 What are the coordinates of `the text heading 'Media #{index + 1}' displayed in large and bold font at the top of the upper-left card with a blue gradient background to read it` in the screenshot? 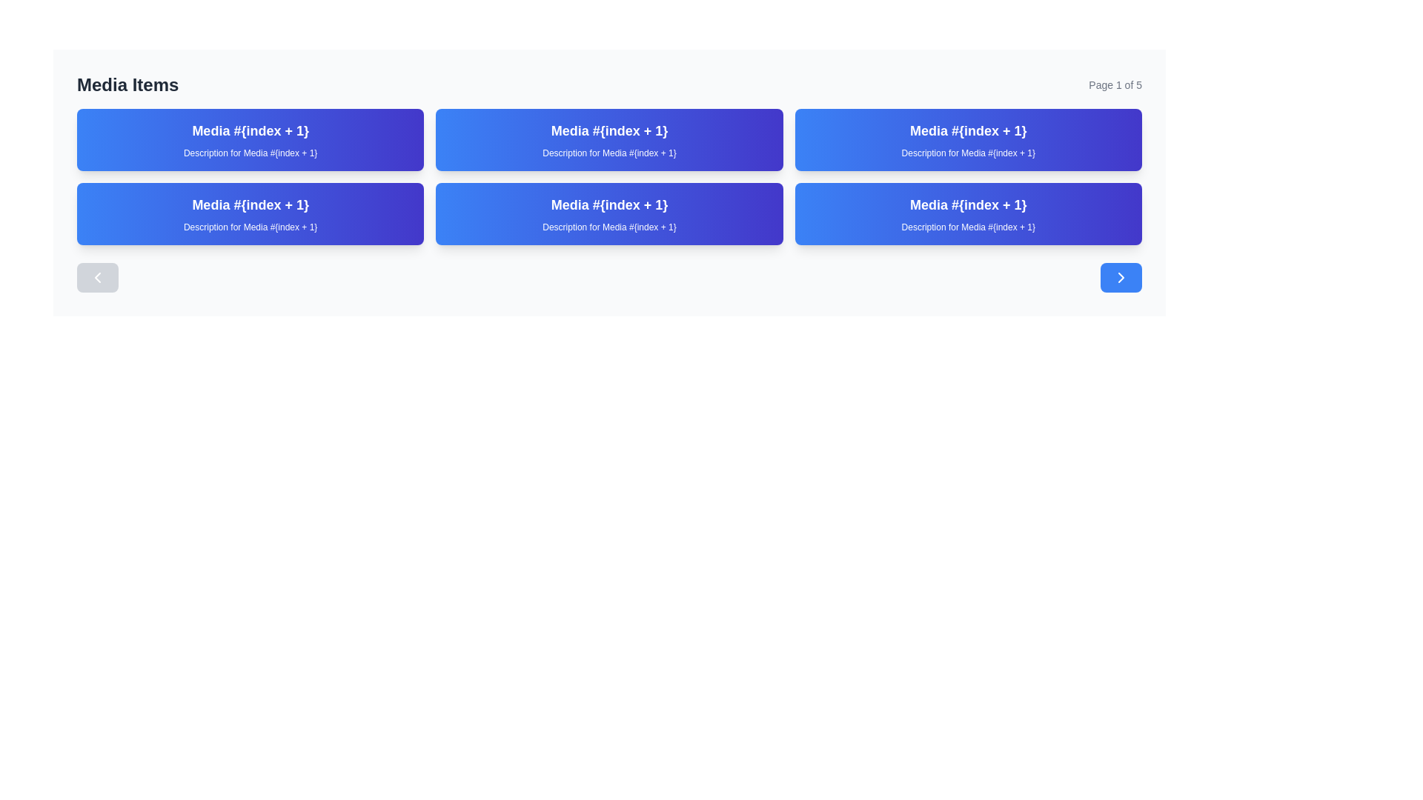 It's located at (251, 130).